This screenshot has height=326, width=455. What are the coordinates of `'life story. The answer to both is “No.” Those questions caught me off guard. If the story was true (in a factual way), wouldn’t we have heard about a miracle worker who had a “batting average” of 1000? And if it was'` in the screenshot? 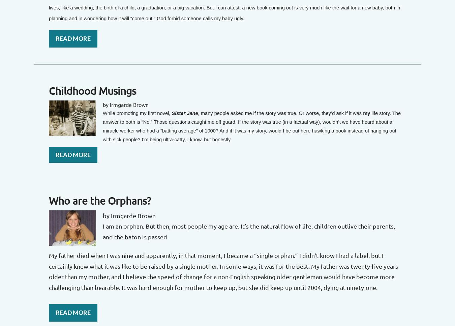 It's located at (251, 121).